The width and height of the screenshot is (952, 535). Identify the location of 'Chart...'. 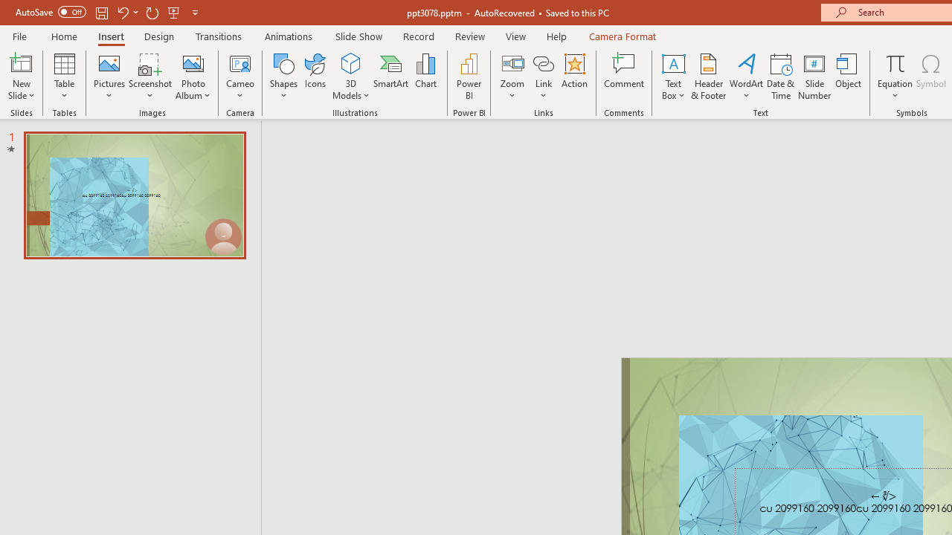
(425, 77).